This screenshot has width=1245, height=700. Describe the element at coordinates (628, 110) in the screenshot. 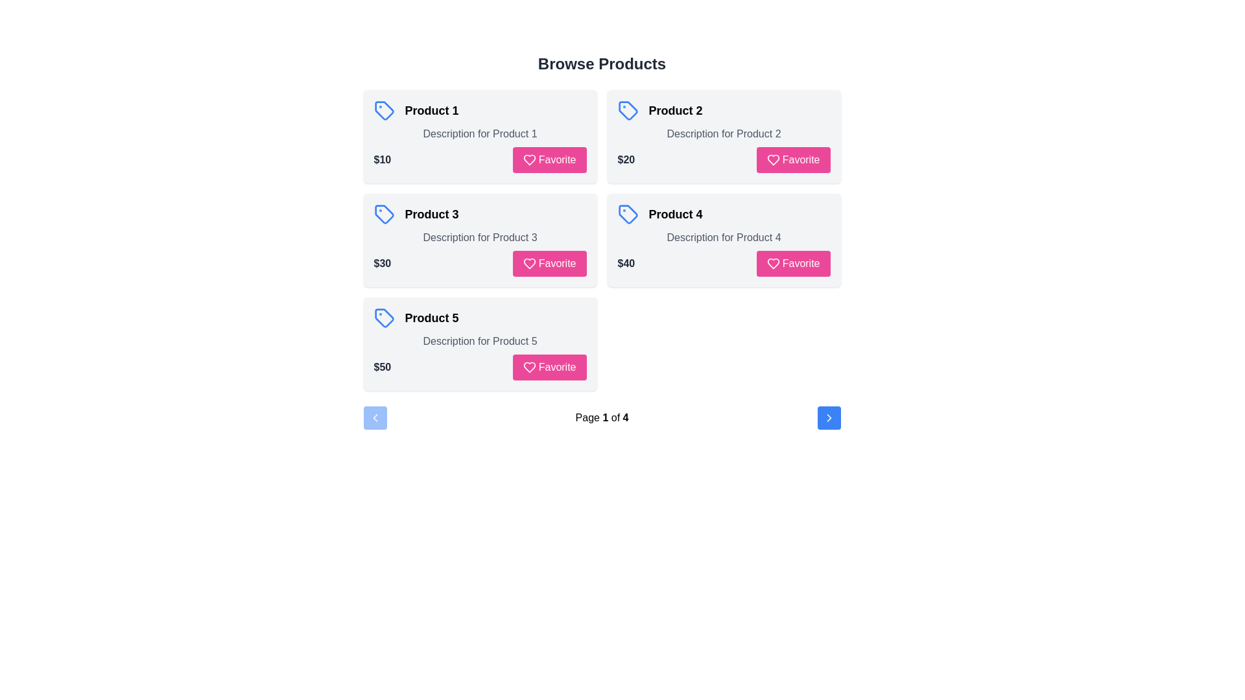

I see `the decorative icon located at the top-left corner of the panel associated with 'Product 2', positioned in the second column and first row of the grid layout` at that location.